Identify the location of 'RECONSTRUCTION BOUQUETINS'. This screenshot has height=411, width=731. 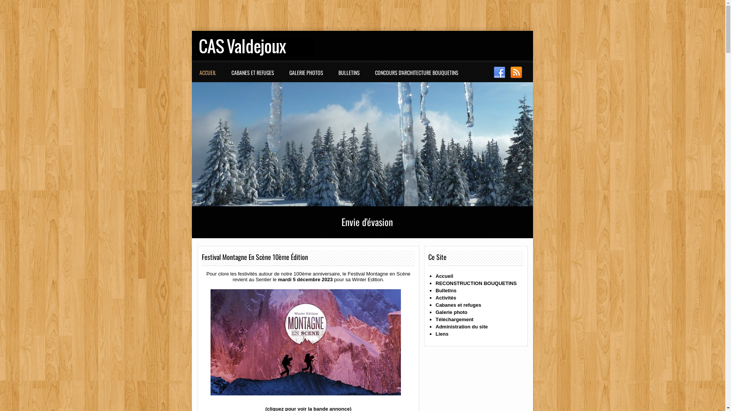
(476, 283).